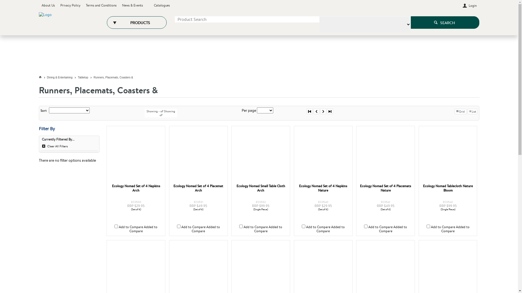 The width and height of the screenshot is (522, 293). Describe the element at coordinates (101, 5) in the screenshot. I see `'Terms and Conditions'` at that location.